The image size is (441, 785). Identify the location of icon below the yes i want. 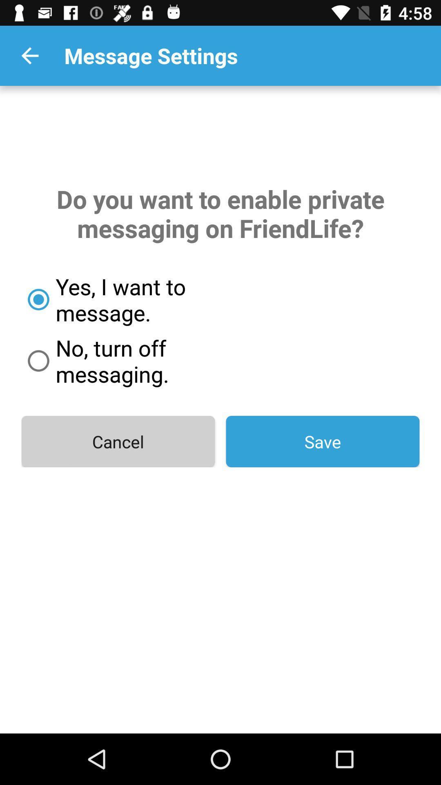
(150, 360).